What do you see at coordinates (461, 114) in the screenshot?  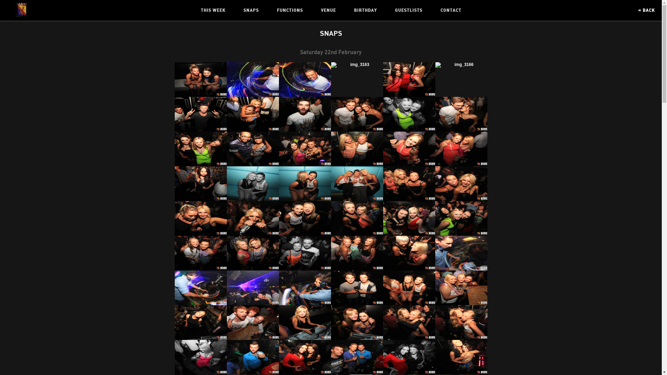 I see `' '` at bounding box center [461, 114].